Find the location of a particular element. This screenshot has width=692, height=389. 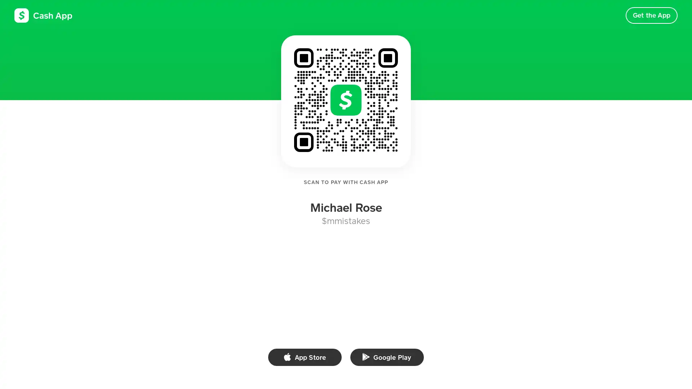

Google Play is located at coordinates (387, 357).